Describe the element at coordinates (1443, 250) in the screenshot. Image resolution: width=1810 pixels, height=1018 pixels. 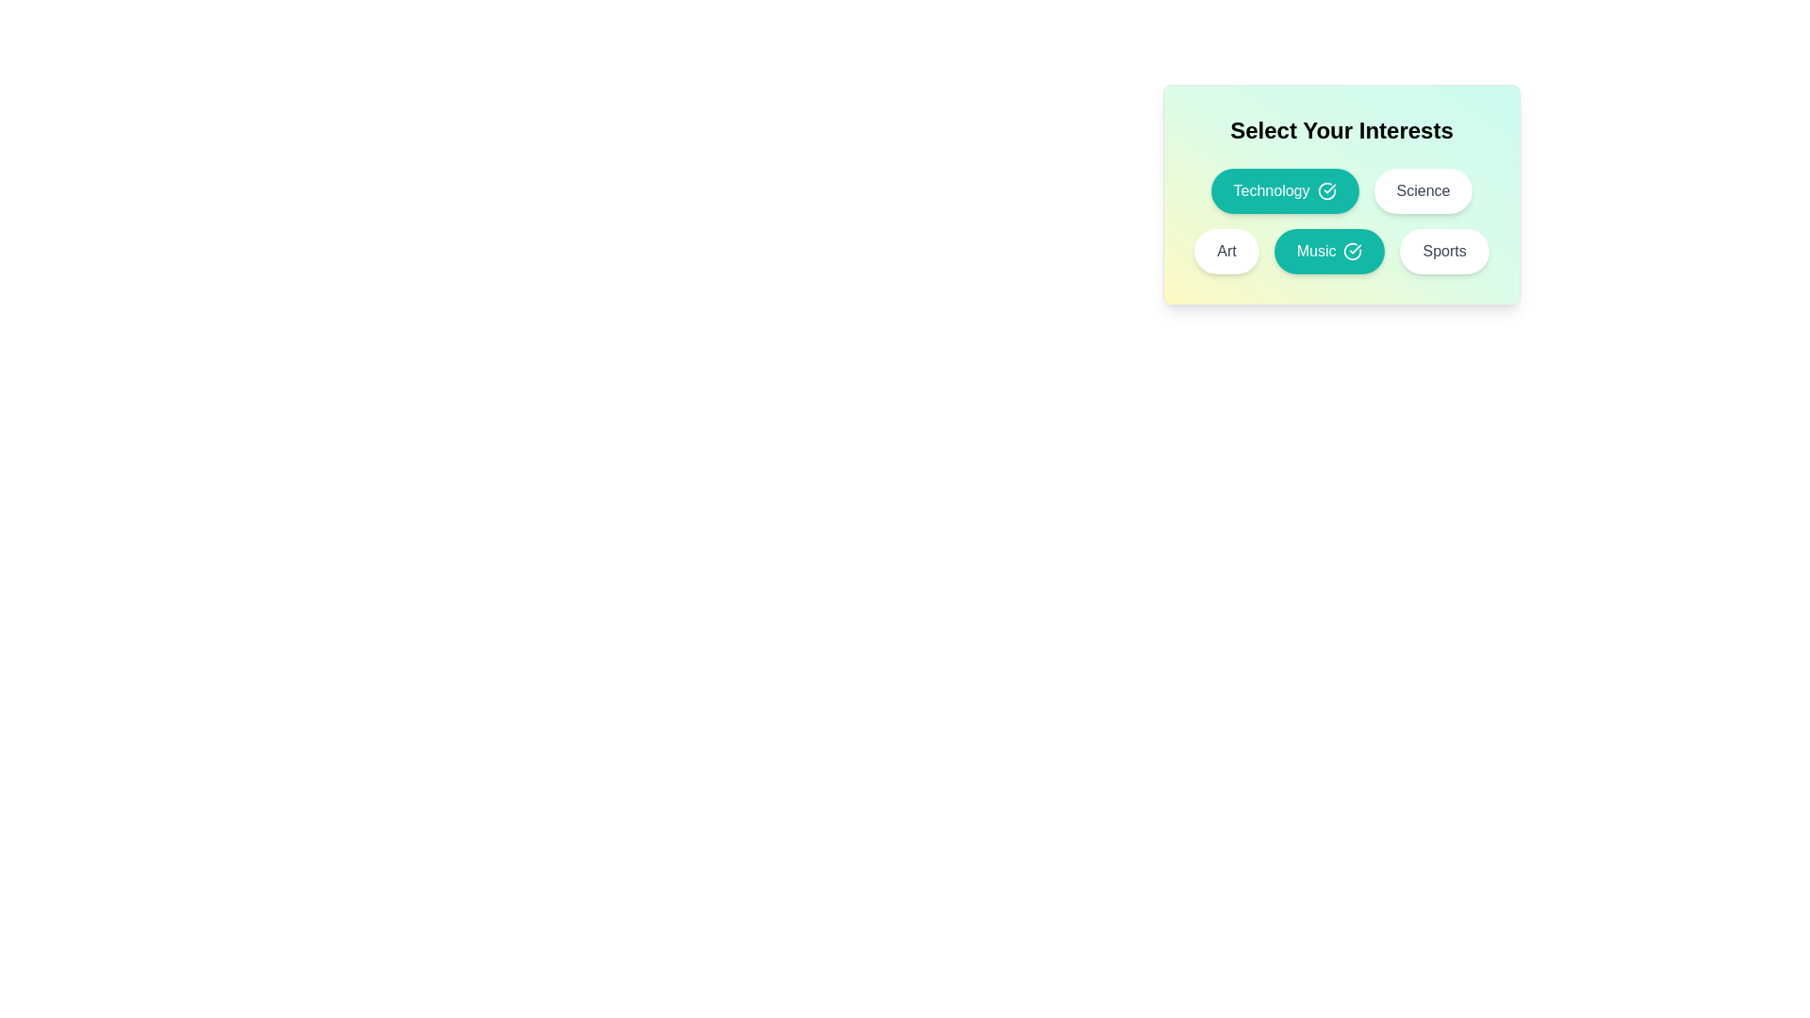
I see `the interest tag labeled Sports` at that location.